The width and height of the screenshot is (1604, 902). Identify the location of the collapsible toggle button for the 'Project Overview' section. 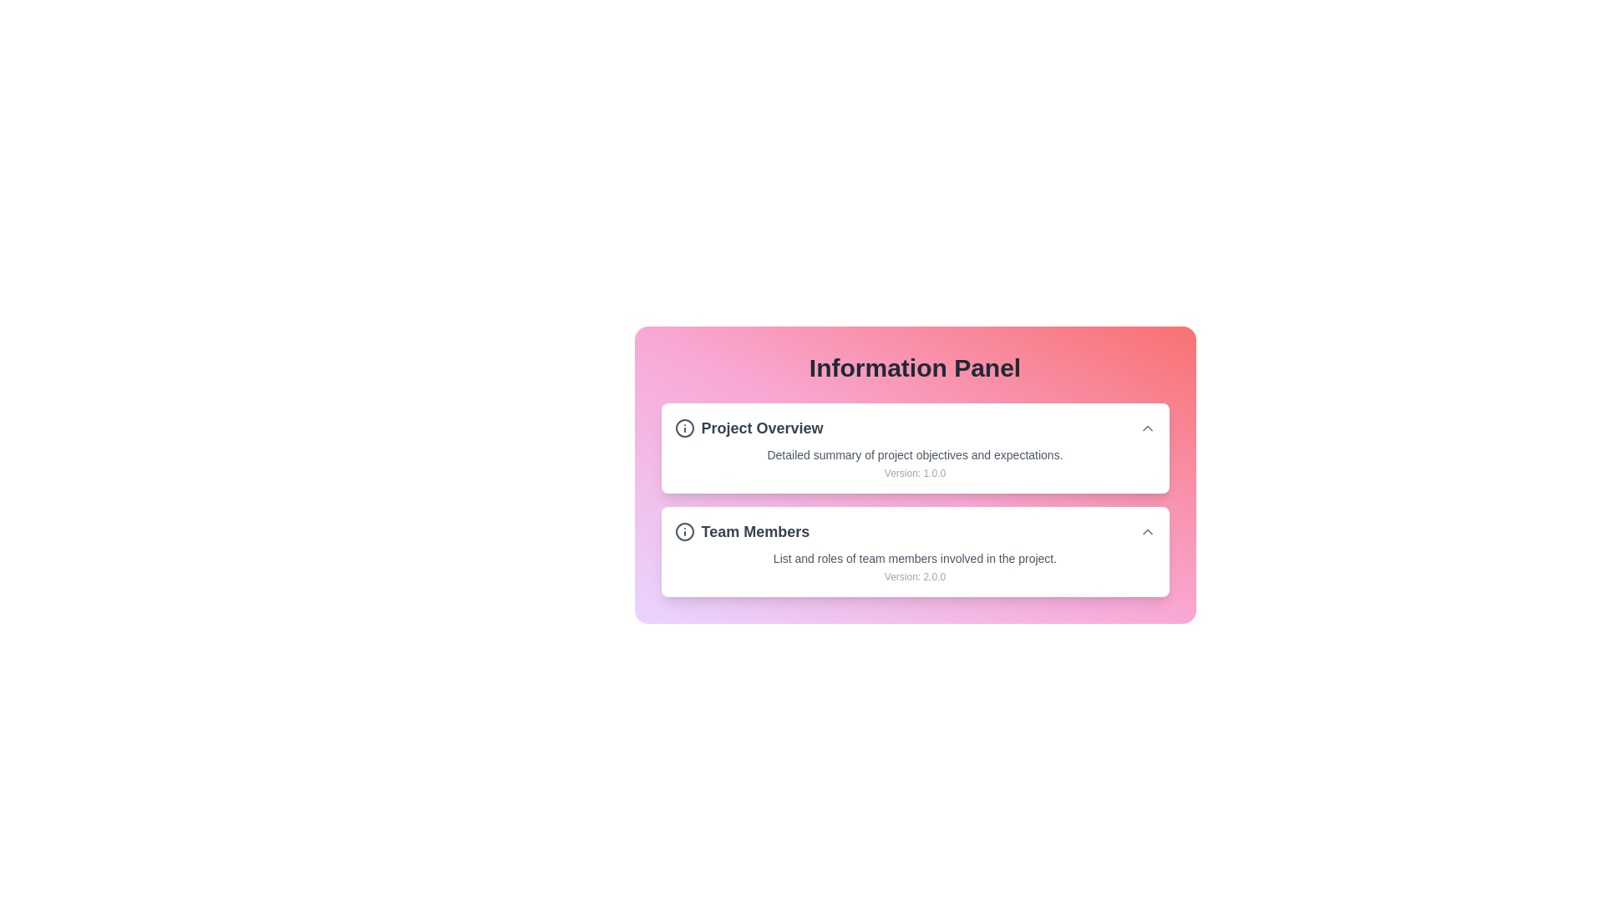
(1146, 428).